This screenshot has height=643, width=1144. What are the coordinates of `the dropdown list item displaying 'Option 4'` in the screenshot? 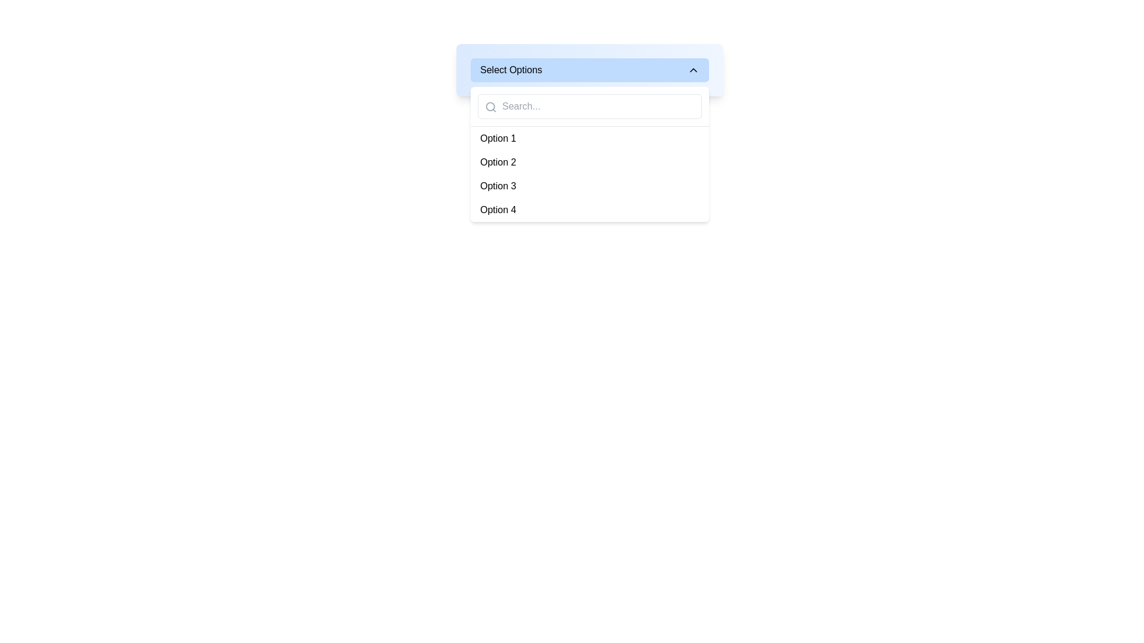 It's located at (498, 210).